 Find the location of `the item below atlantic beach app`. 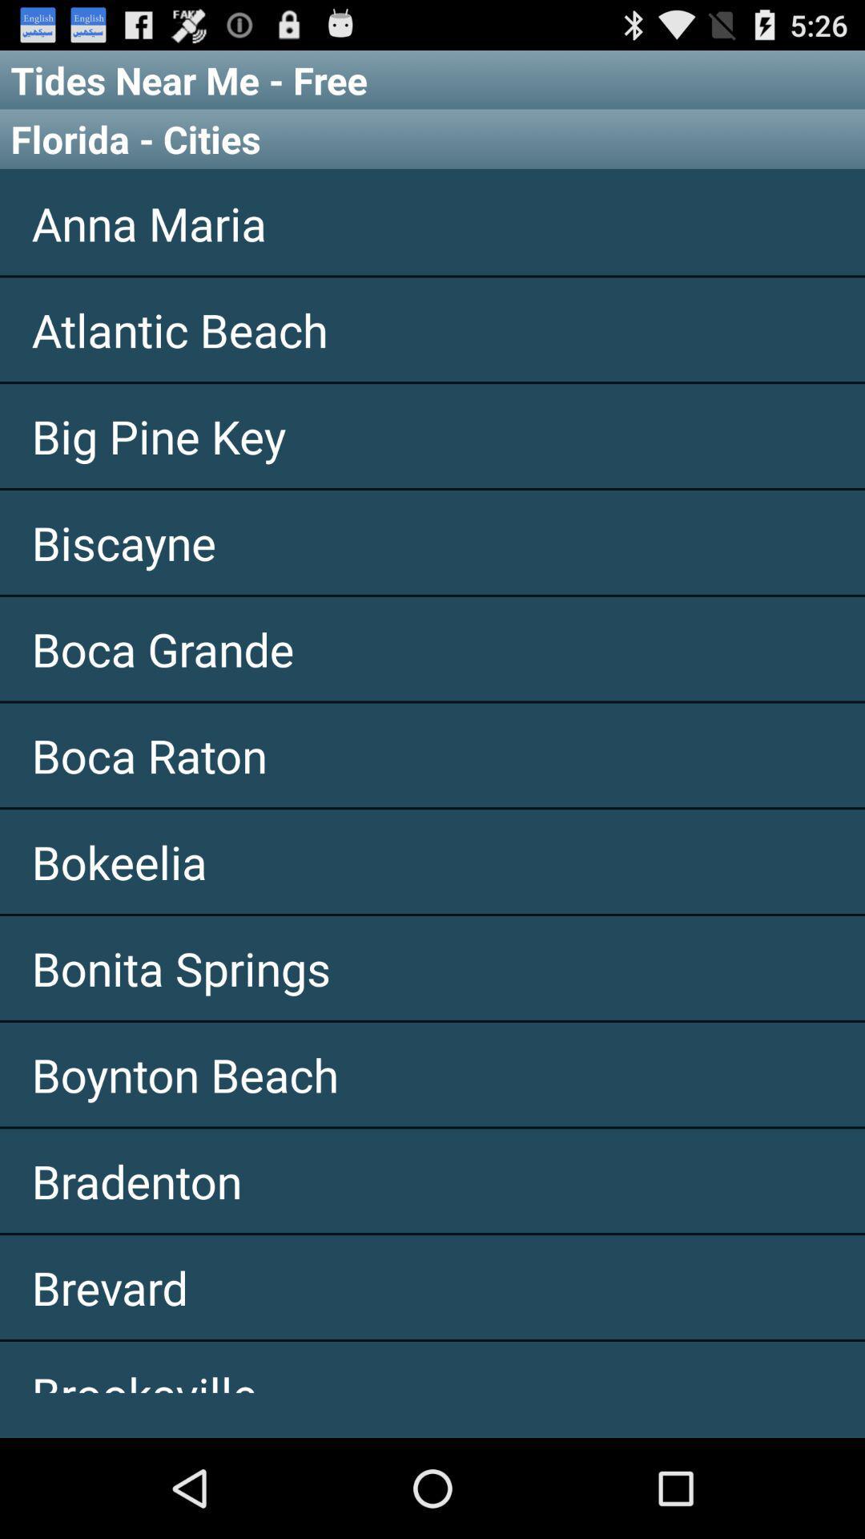

the item below atlantic beach app is located at coordinates (432, 436).